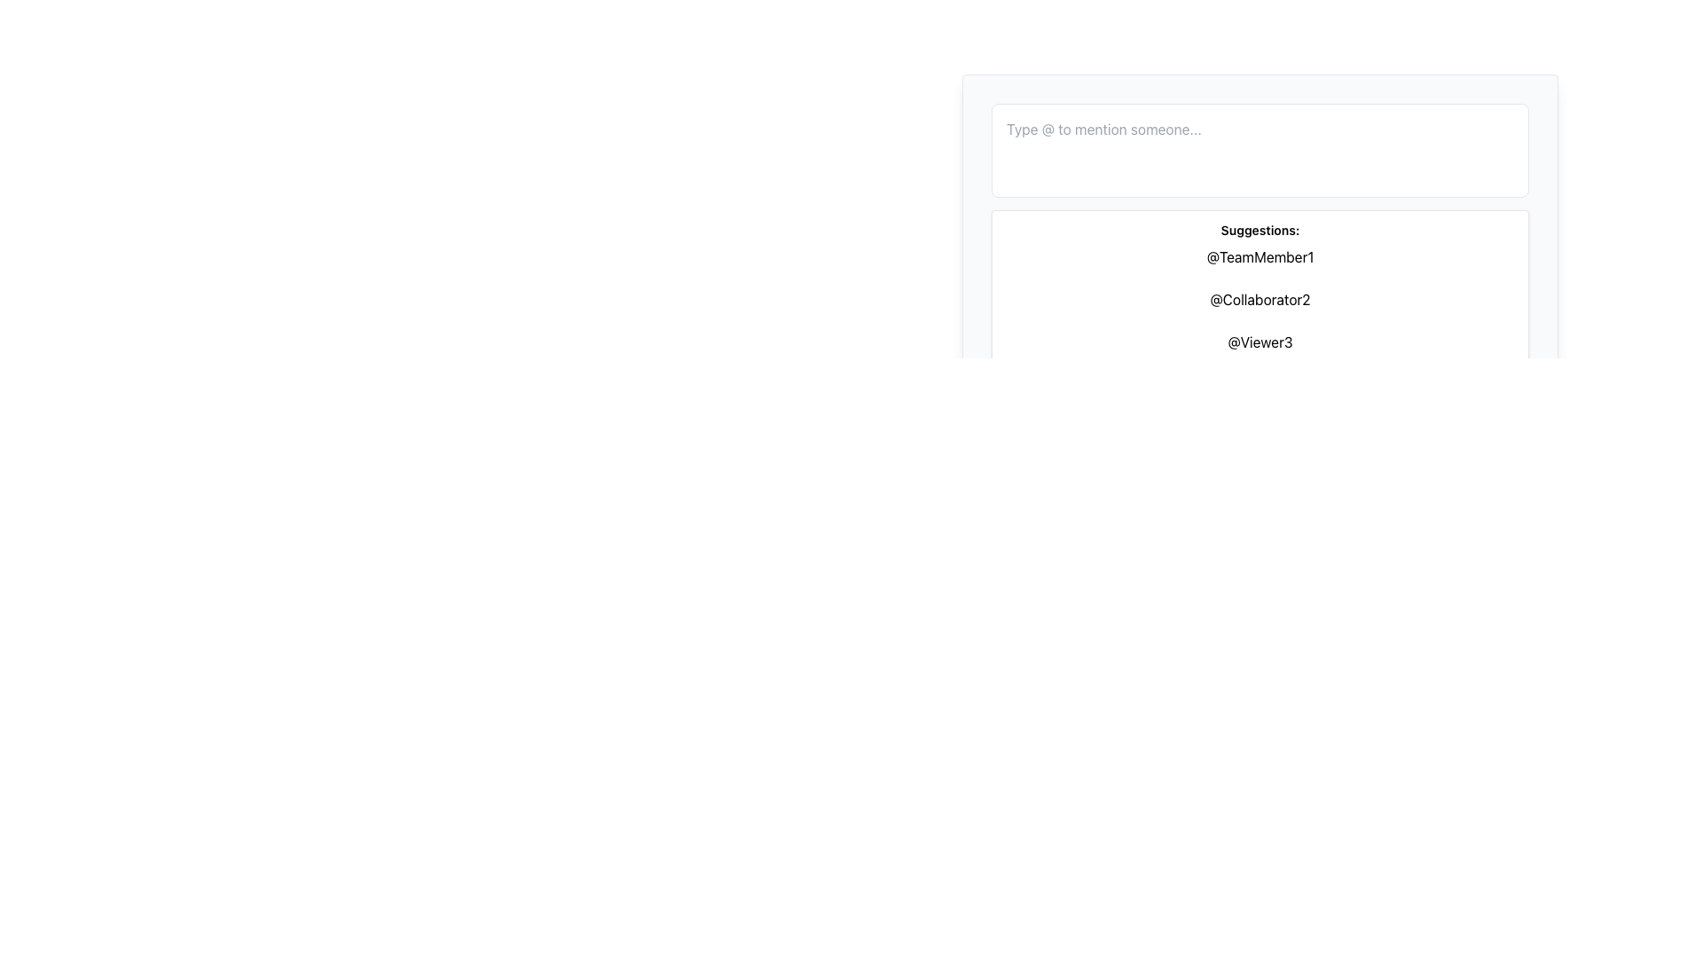 Image resolution: width=1703 pixels, height=958 pixels. Describe the element at coordinates (1259, 342) in the screenshot. I see `the selectable list item representing the user mention option '@Viewer3'` at that location.